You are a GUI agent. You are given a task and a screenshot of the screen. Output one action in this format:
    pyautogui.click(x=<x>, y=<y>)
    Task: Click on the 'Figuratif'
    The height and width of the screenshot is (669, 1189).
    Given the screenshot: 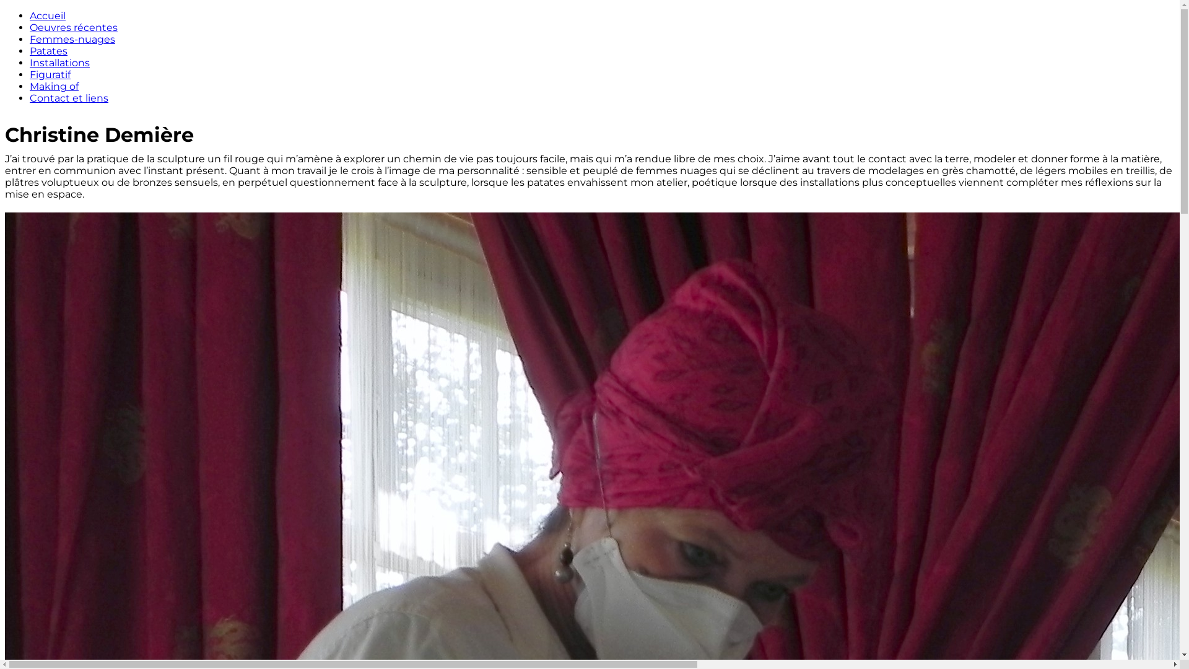 What is the action you would take?
    pyautogui.click(x=50, y=74)
    